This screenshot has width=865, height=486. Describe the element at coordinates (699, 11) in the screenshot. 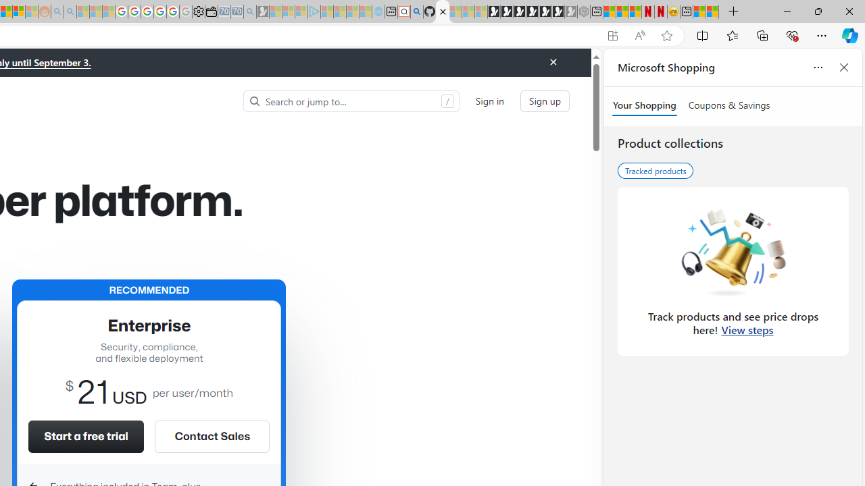

I see `'Wildlife - MSN'` at that location.